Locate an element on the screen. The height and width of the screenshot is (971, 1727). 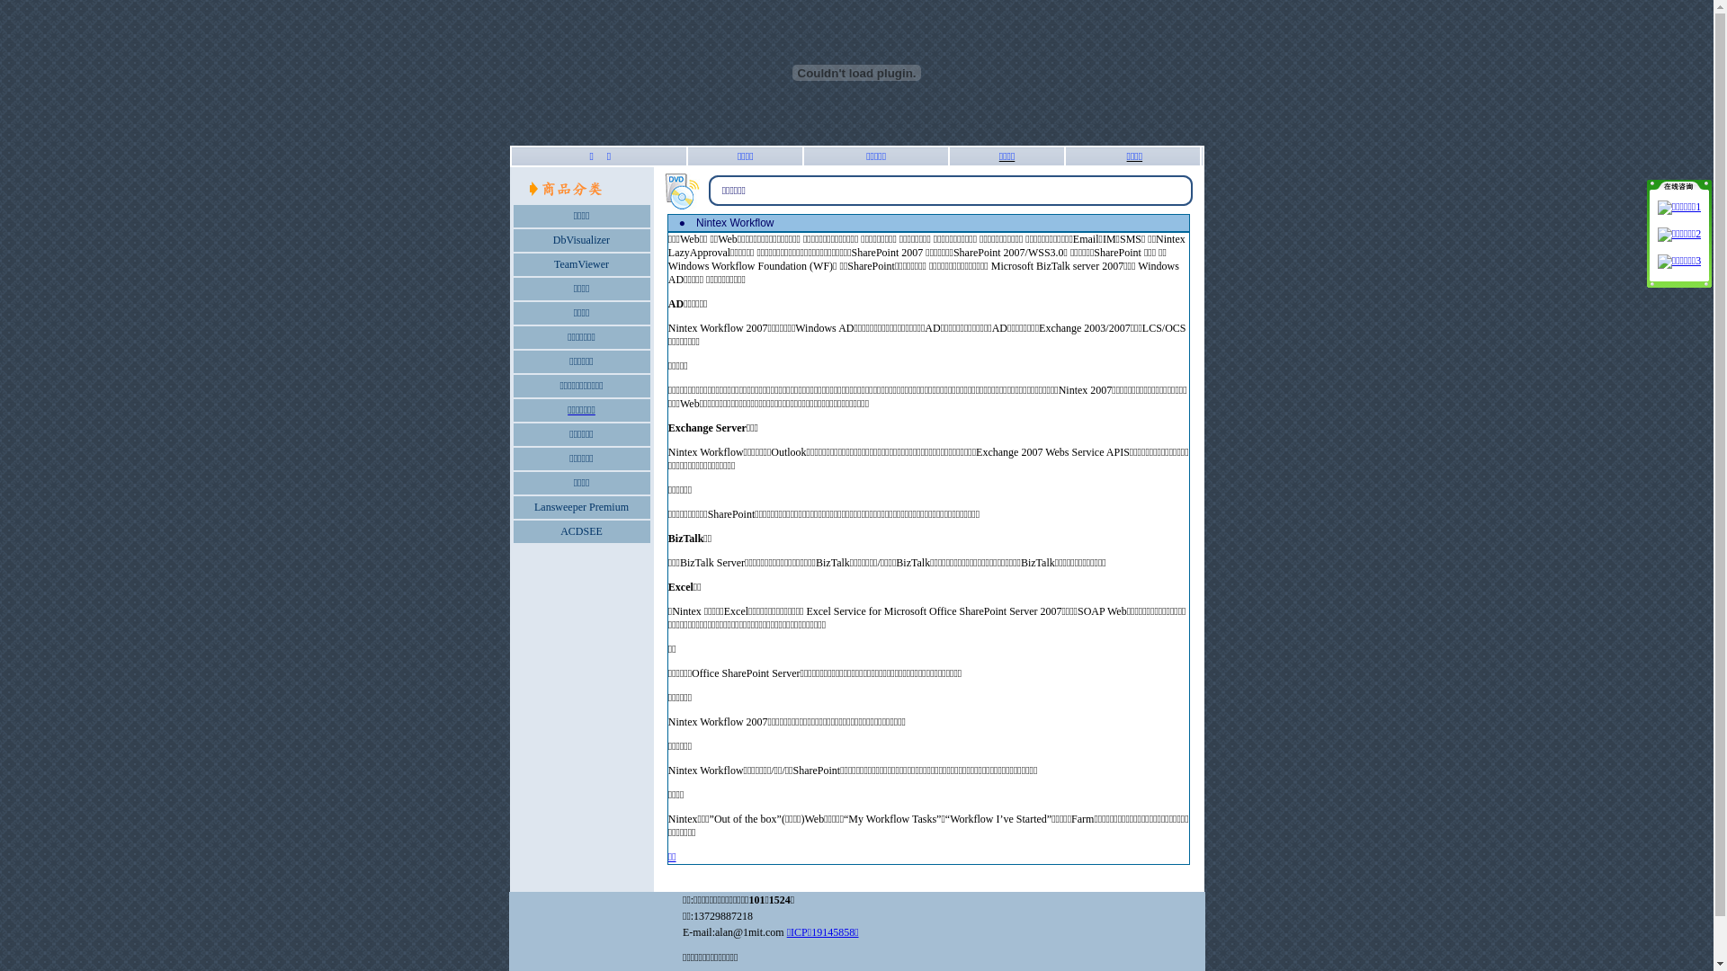
'Lansweeper Premium' is located at coordinates (581, 506).